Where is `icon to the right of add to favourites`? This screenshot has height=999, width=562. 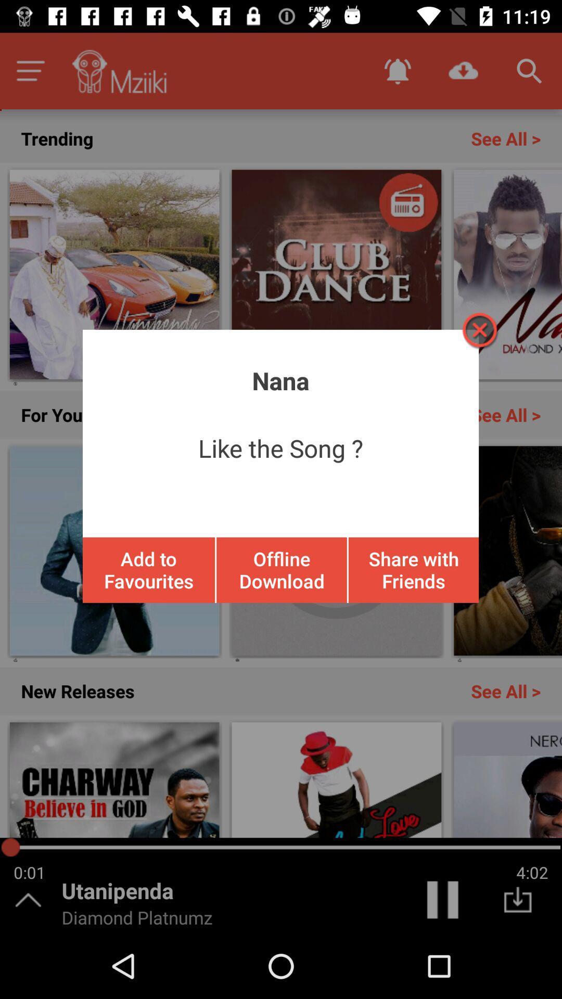 icon to the right of add to favourites is located at coordinates (282, 569).